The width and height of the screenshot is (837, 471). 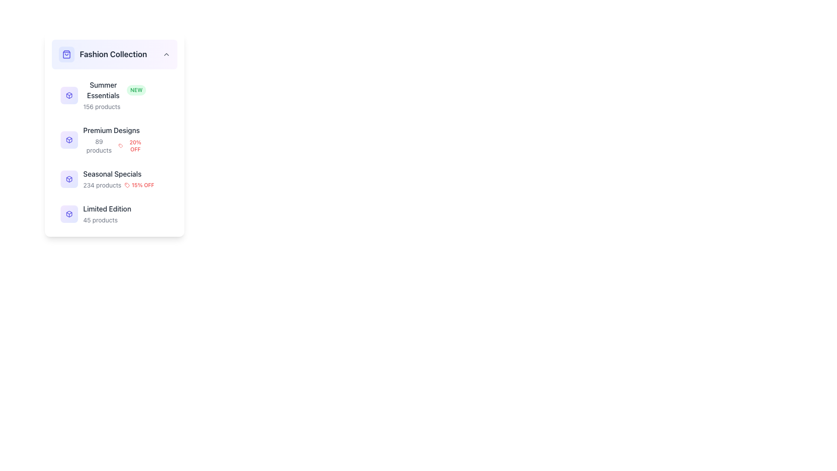 What do you see at coordinates (111, 130) in the screenshot?
I see `the text label displaying 'Premium Designs', which is part of the 'Fashion Collection' group in the vertical sidebar menu, positioned between 'Summer Essentials' and 'Seasonal Specials'` at bounding box center [111, 130].